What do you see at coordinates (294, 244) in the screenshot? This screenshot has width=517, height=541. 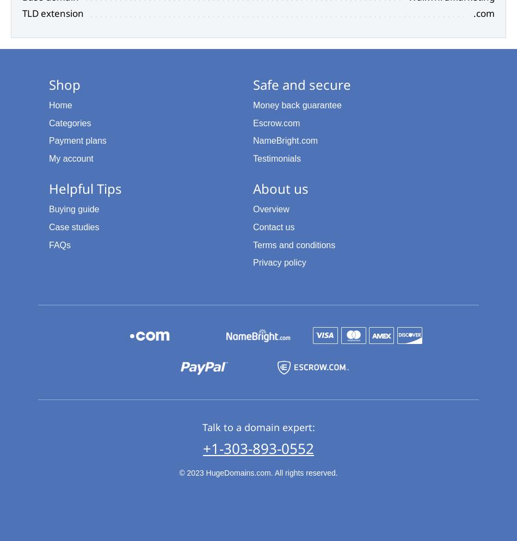 I see `'Terms and conditions'` at bounding box center [294, 244].